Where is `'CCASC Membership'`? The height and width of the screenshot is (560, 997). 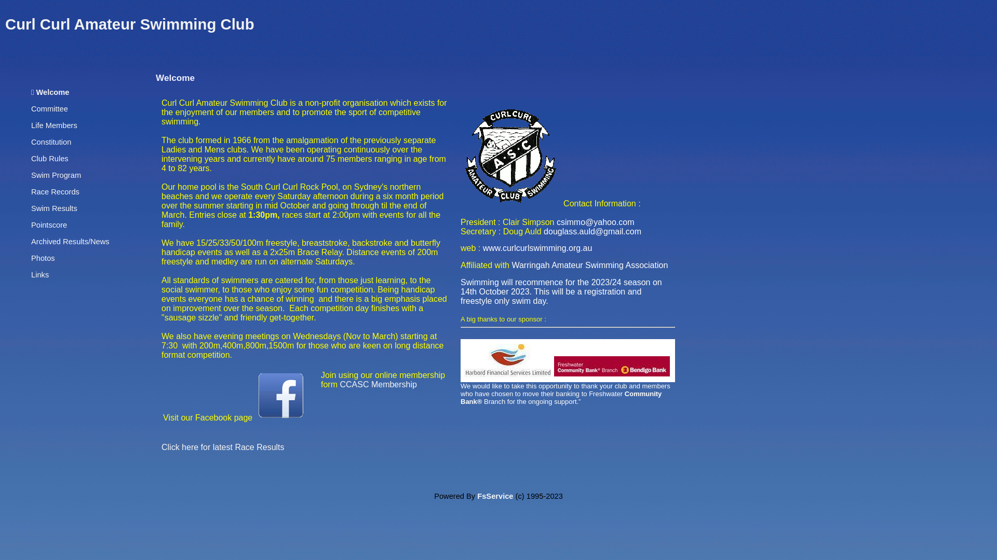 'CCASC Membership' is located at coordinates (378, 384).